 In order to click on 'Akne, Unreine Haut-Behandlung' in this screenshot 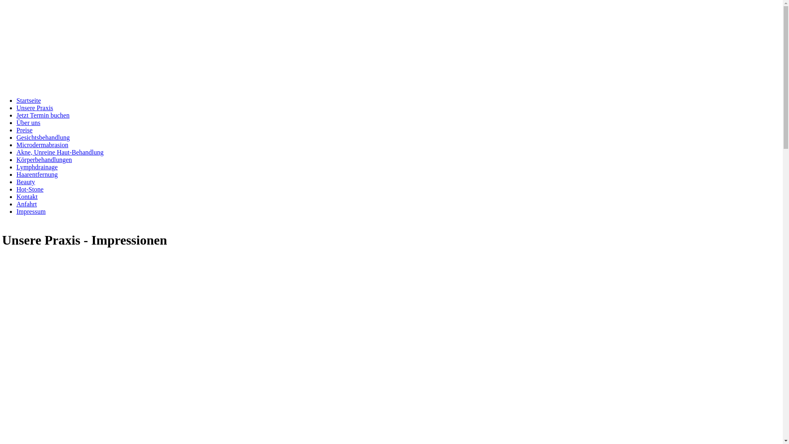, I will do `click(59, 152)`.